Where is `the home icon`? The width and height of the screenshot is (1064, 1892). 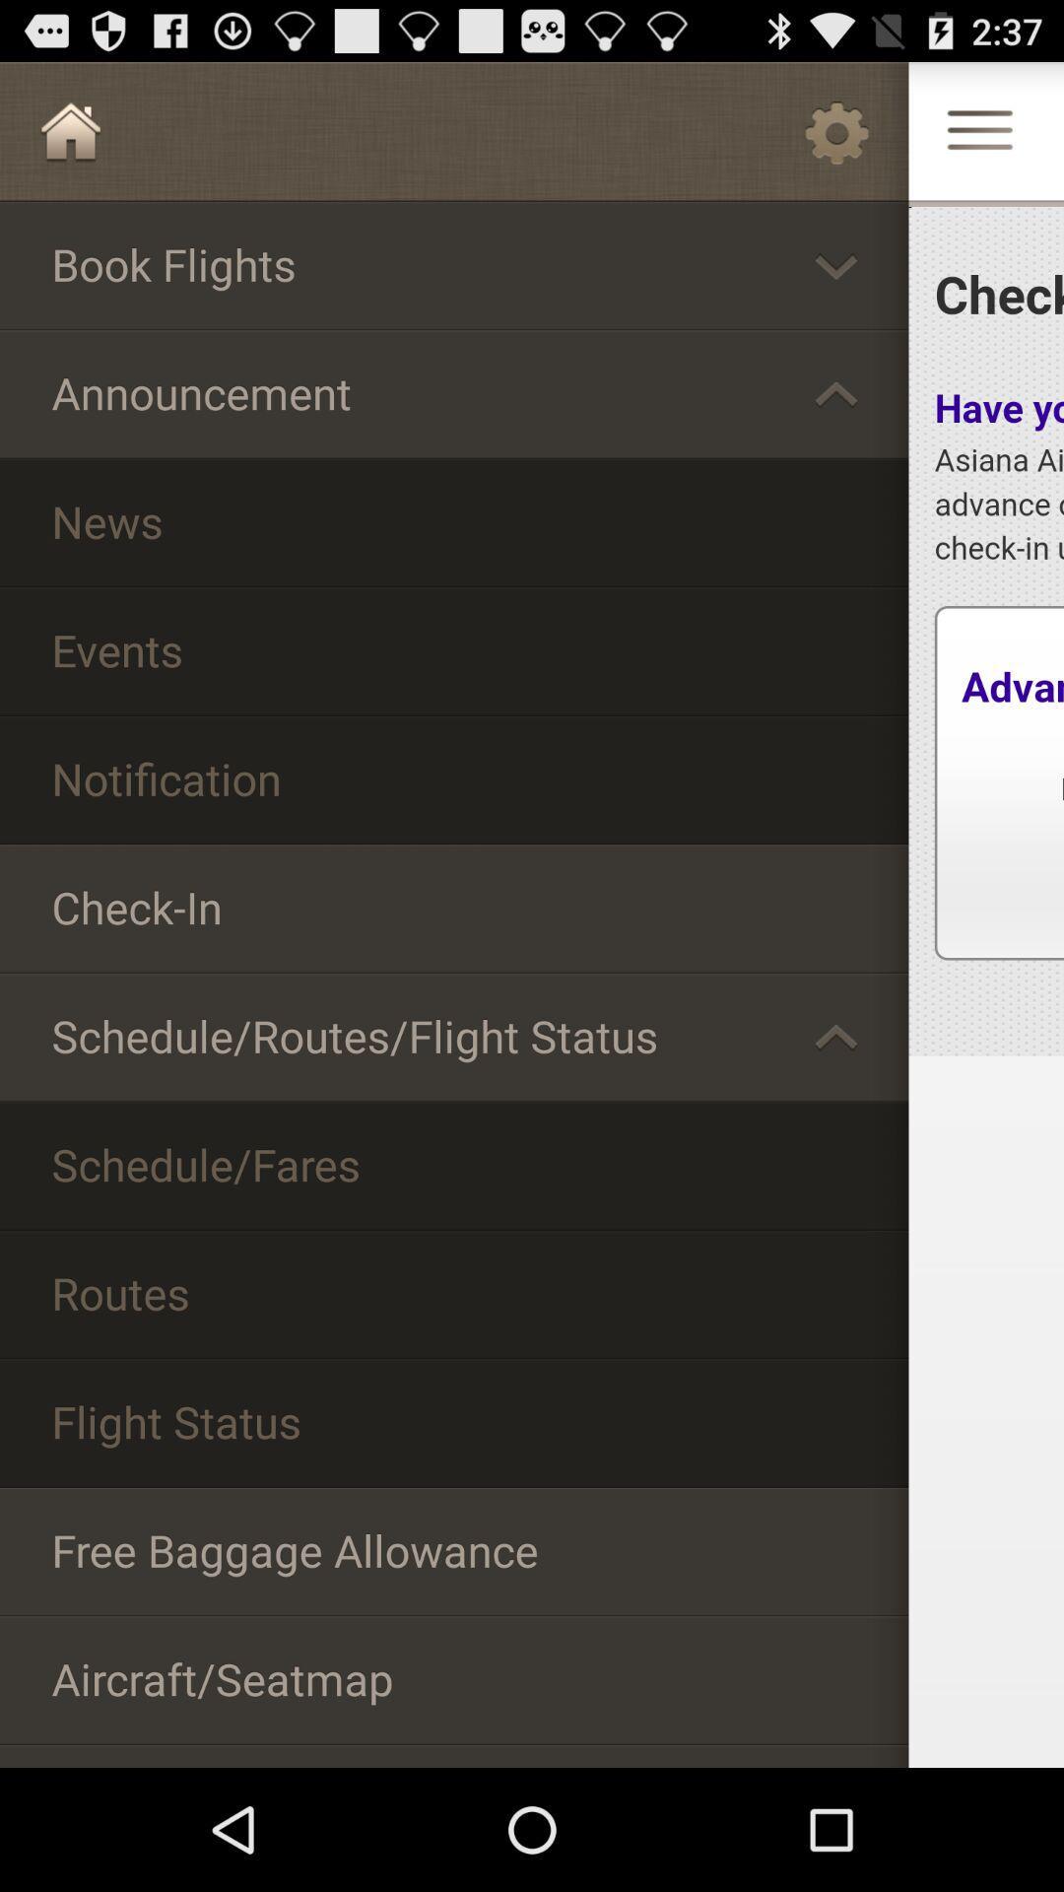 the home icon is located at coordinates (70, 139).